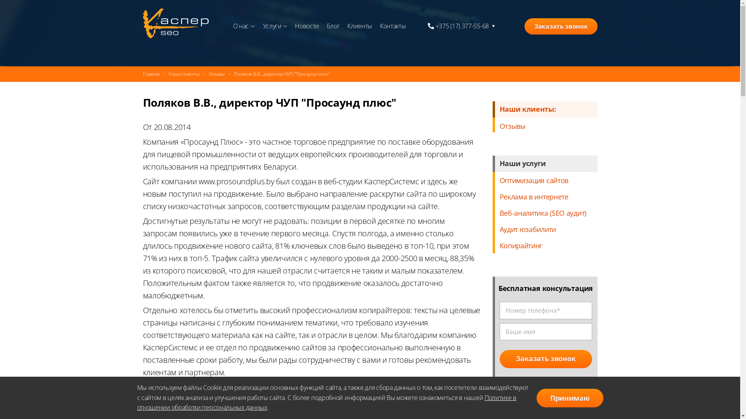  Describe the element at coordinates (427, 26) in the screenshot. I see `'+375 (17) 377-55-68'` at that location.